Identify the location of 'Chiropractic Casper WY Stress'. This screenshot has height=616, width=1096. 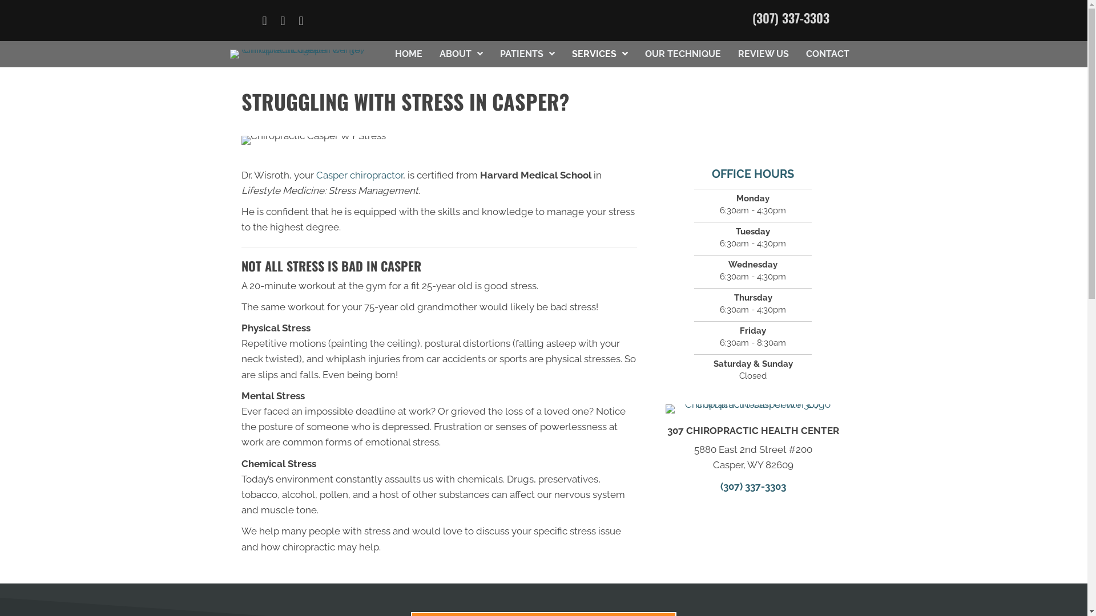
(240, 140).